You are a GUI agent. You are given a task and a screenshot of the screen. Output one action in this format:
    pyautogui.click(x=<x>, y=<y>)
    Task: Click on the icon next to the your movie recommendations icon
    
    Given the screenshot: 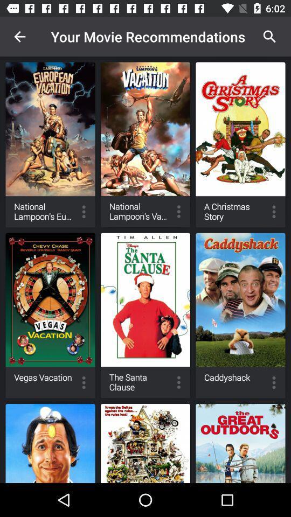 What is the action you would take?
    pyautogui.click(x=269, y=37)
    